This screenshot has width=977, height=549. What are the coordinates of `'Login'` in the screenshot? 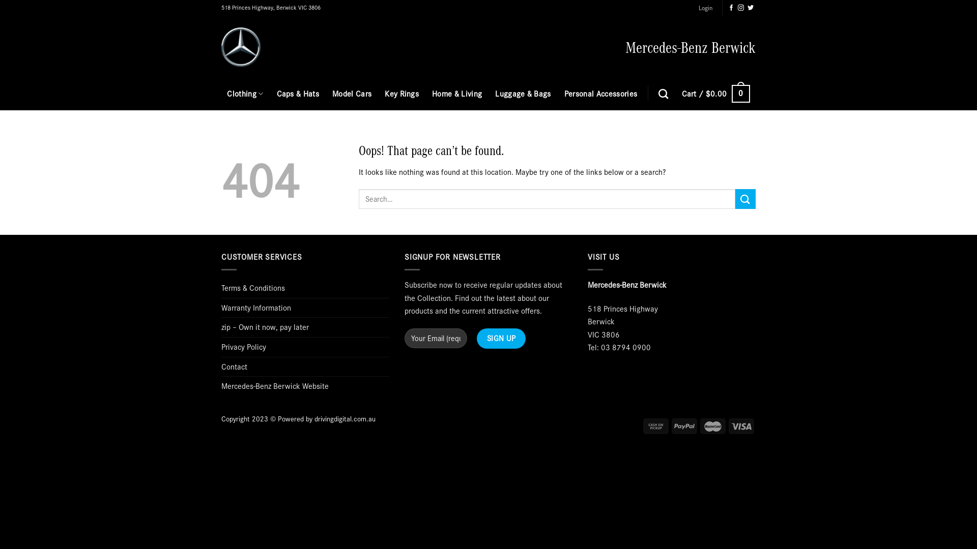 It's located at (705, 8).